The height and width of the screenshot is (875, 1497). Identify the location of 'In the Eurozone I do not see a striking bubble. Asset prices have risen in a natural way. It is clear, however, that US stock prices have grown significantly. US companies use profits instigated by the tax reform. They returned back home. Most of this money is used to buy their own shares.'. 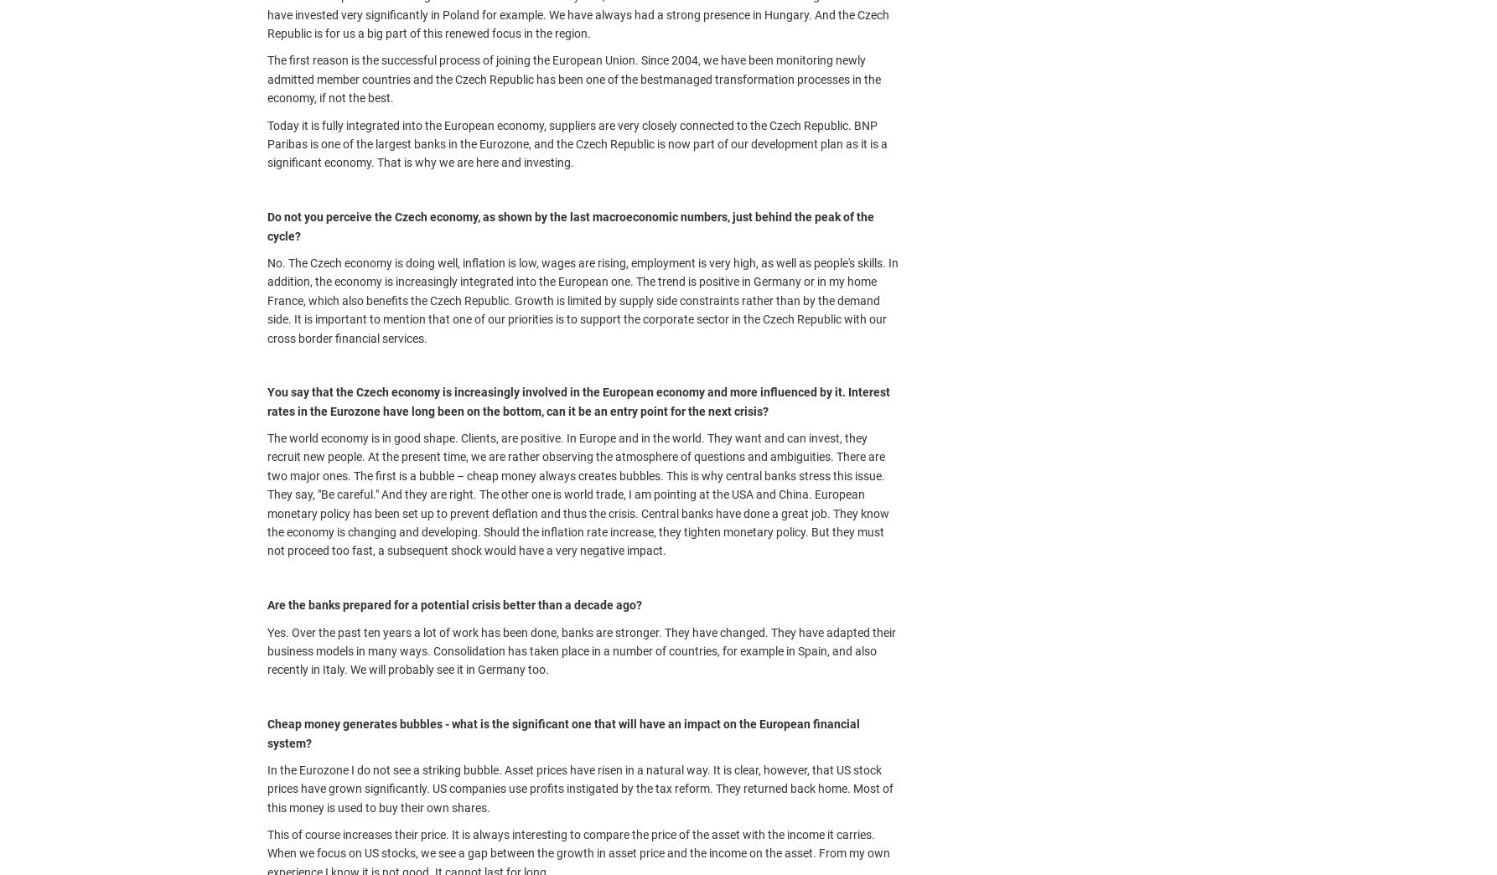
(267, 787).